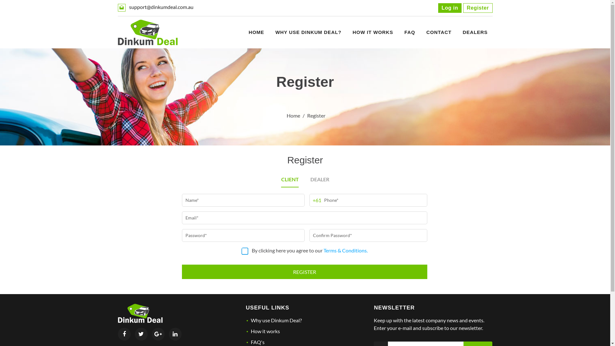 This screenshot has width=615, height=346. What do you see at coordinates (478, 8) in the screenshot?
I see `'Register'` at bounding box center [478, 8].